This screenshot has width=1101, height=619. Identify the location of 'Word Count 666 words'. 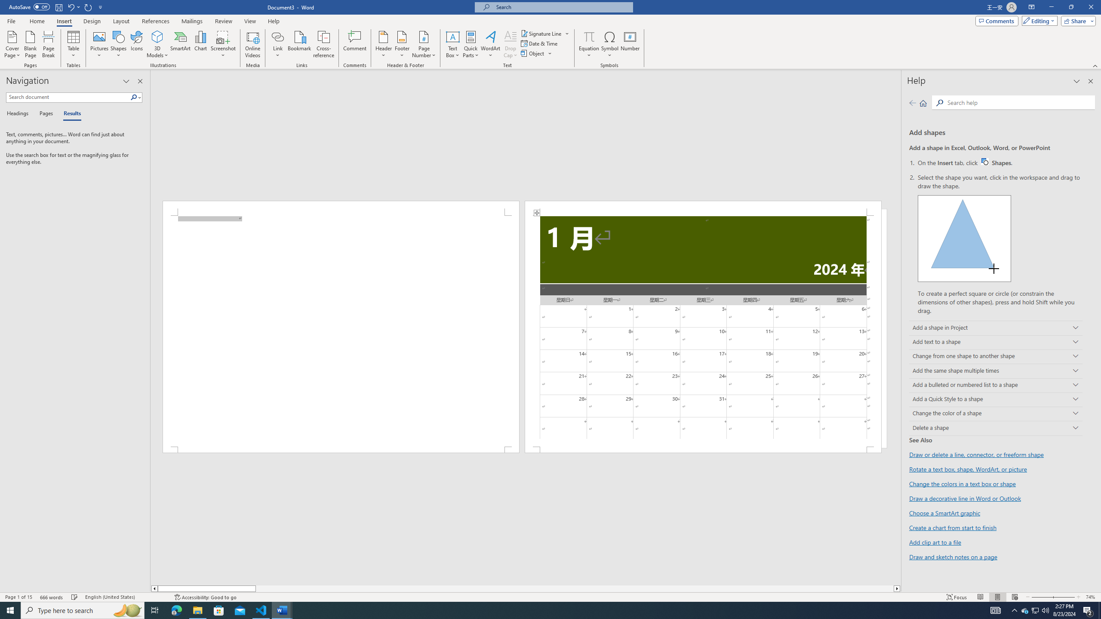
(52, 597).